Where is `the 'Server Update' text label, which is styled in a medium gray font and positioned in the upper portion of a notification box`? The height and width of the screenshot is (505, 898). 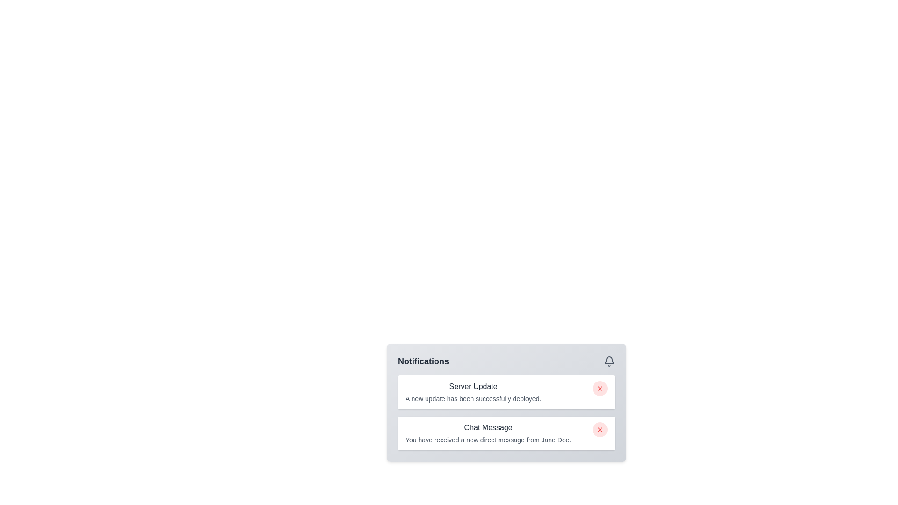
the 'Server Update' text label, which is styled in a medium gray font and positioned in the upper portion of a notification box is located at coordinates (473, 386).